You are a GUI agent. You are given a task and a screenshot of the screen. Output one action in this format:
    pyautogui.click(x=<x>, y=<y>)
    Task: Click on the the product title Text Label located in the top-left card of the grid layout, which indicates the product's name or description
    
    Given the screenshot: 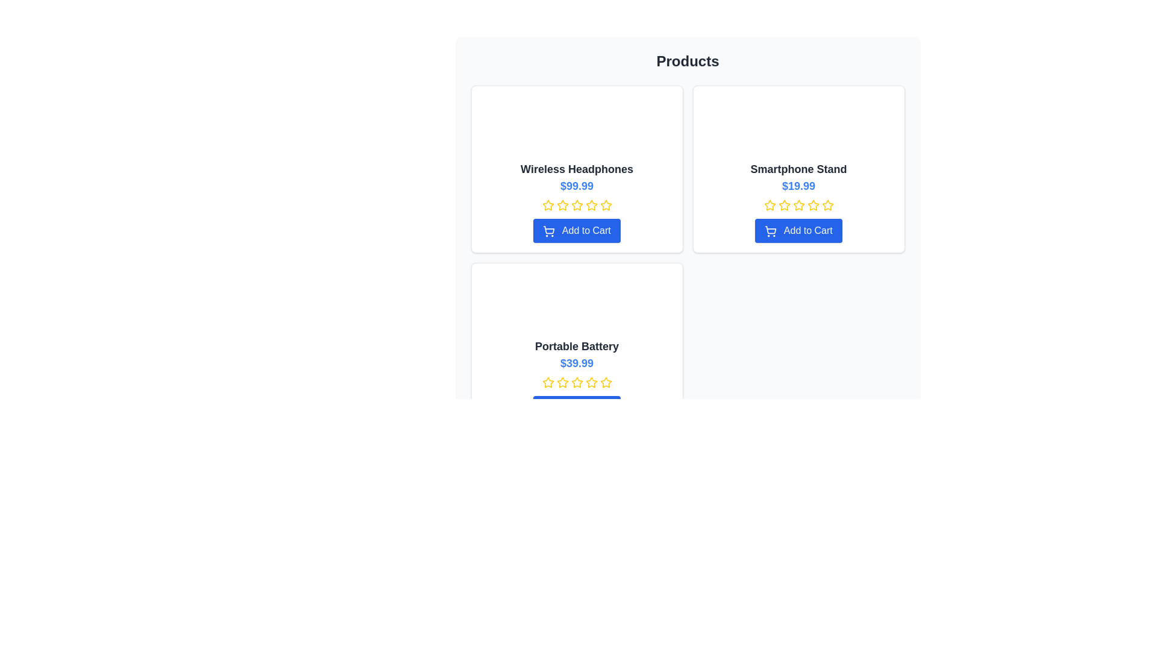 What is the action you would take?
    pyautogui.click(x=576, y=169)
    